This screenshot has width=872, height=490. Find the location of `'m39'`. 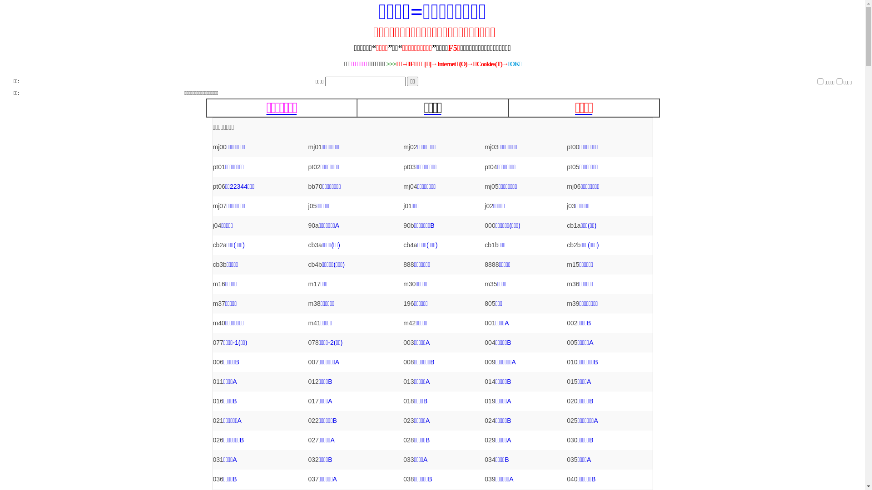

'm39' is located at coordinates (572, 303).